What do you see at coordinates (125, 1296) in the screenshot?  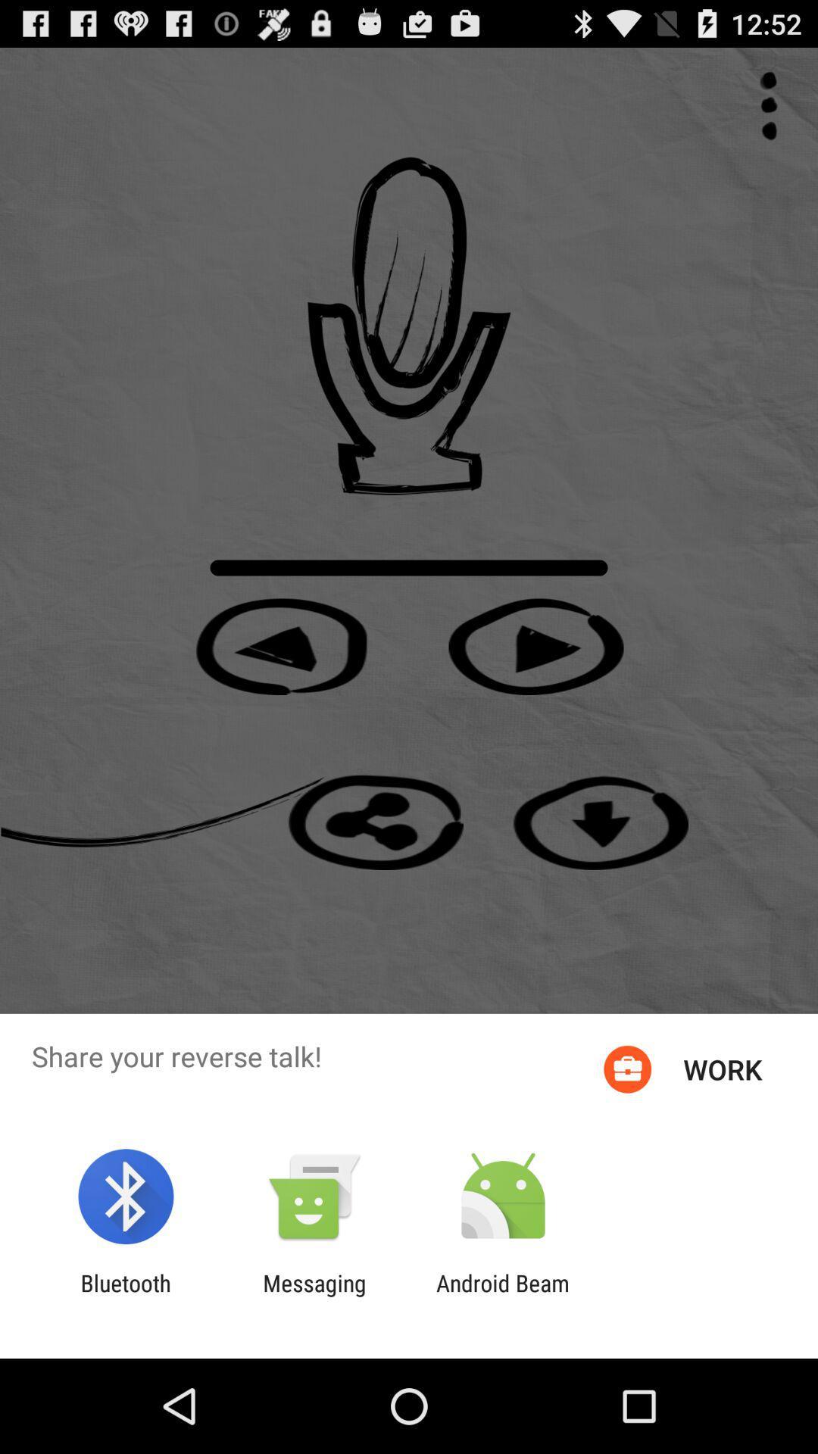 I see `app to the left of the messaging` at bounding box center [125, 1296].